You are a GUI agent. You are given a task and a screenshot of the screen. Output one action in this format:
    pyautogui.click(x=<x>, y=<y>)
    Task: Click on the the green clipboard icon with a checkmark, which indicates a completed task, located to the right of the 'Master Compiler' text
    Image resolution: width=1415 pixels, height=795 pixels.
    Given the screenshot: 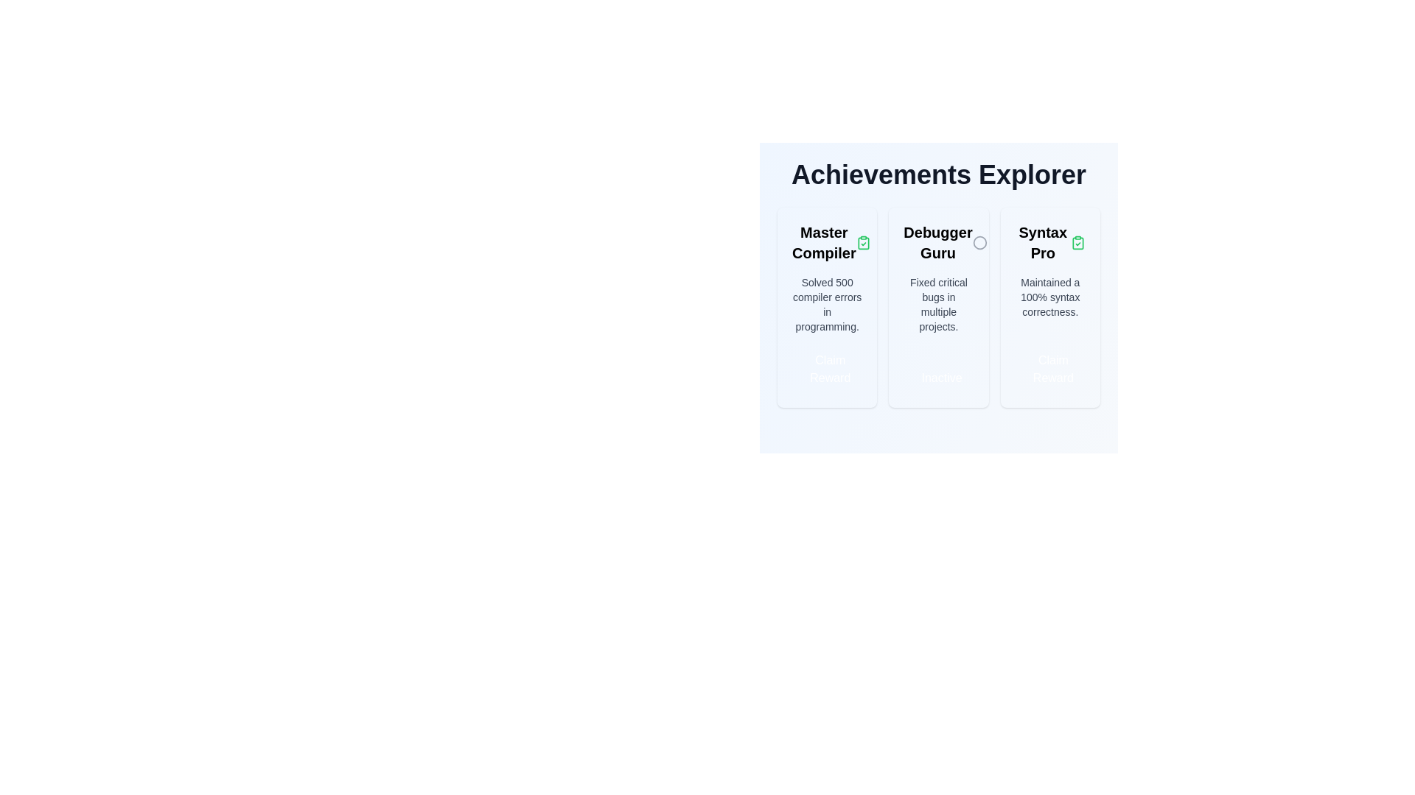 What is the action you would take?
    pyautogui.click(x=863, y=242)
    